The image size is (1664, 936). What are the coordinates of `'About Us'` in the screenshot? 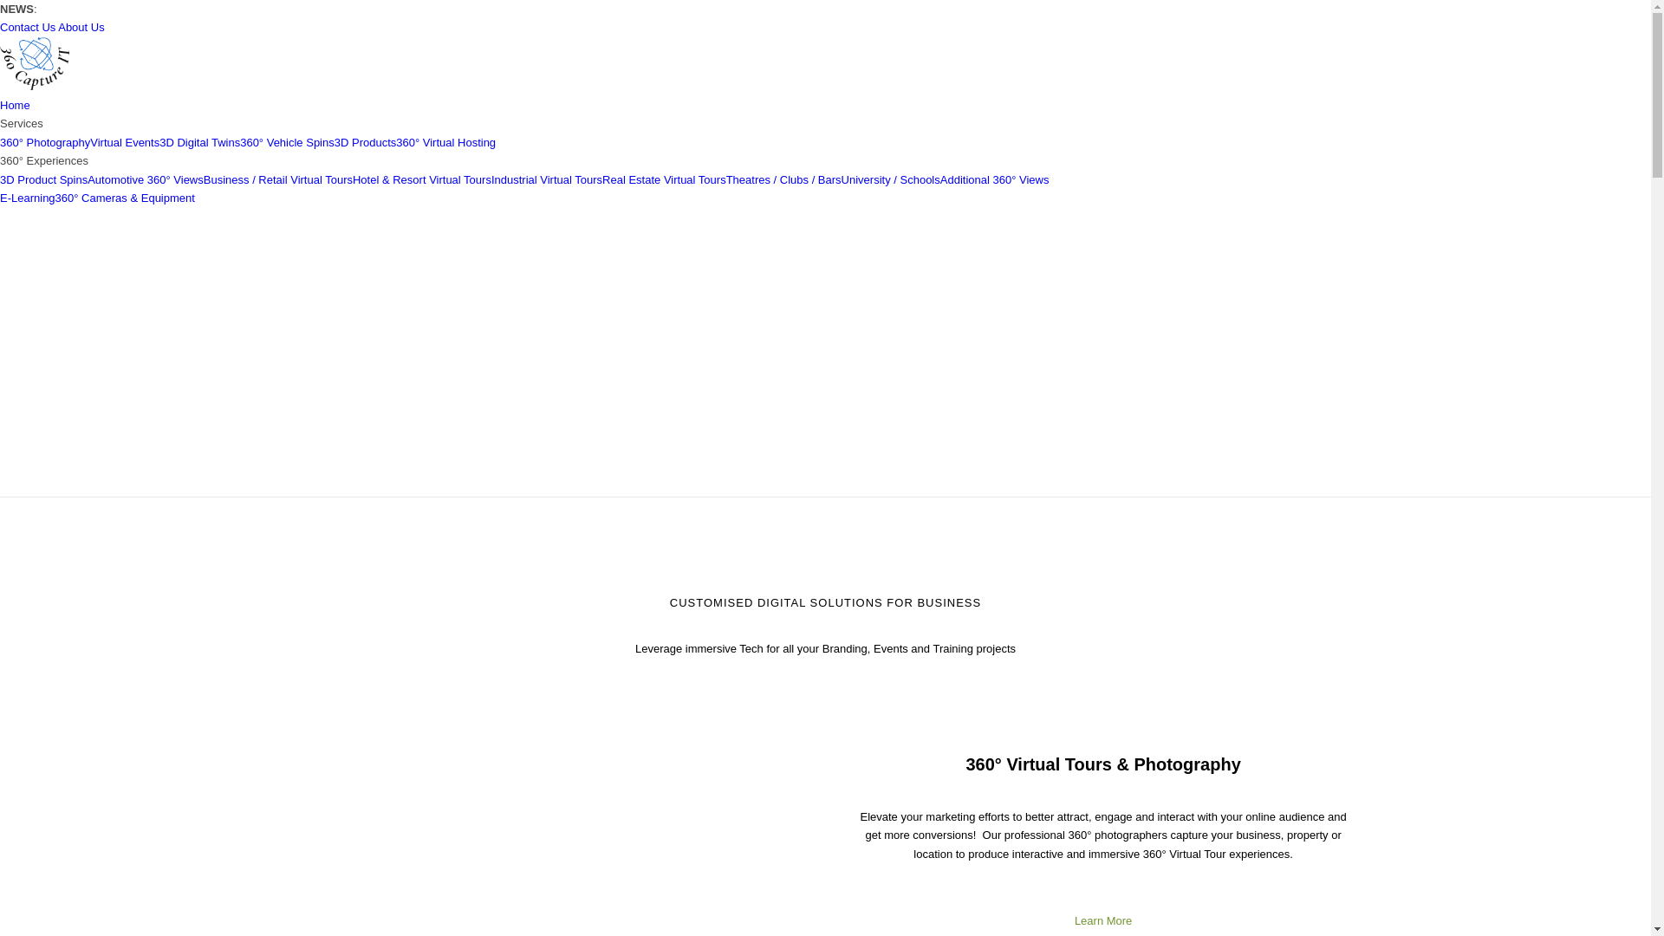 It's located at (80, 27).